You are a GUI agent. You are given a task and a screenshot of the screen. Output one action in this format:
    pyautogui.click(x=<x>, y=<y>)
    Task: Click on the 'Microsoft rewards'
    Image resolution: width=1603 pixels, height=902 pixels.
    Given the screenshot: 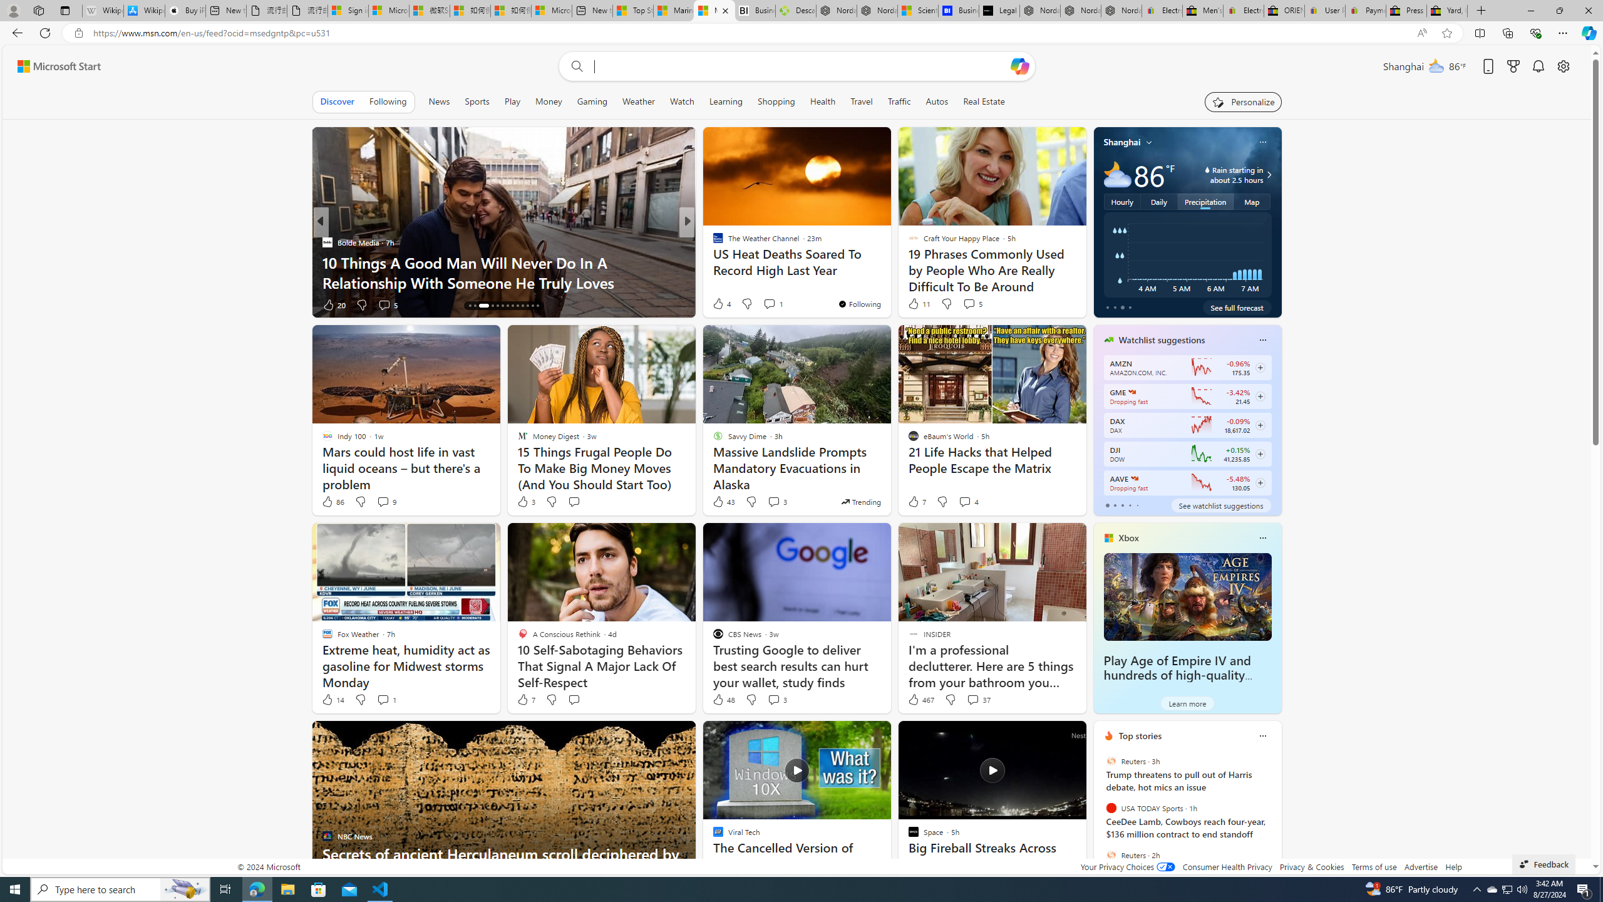 What is the action you would take?
    pyautogui.click(x=1513, y=66)
    